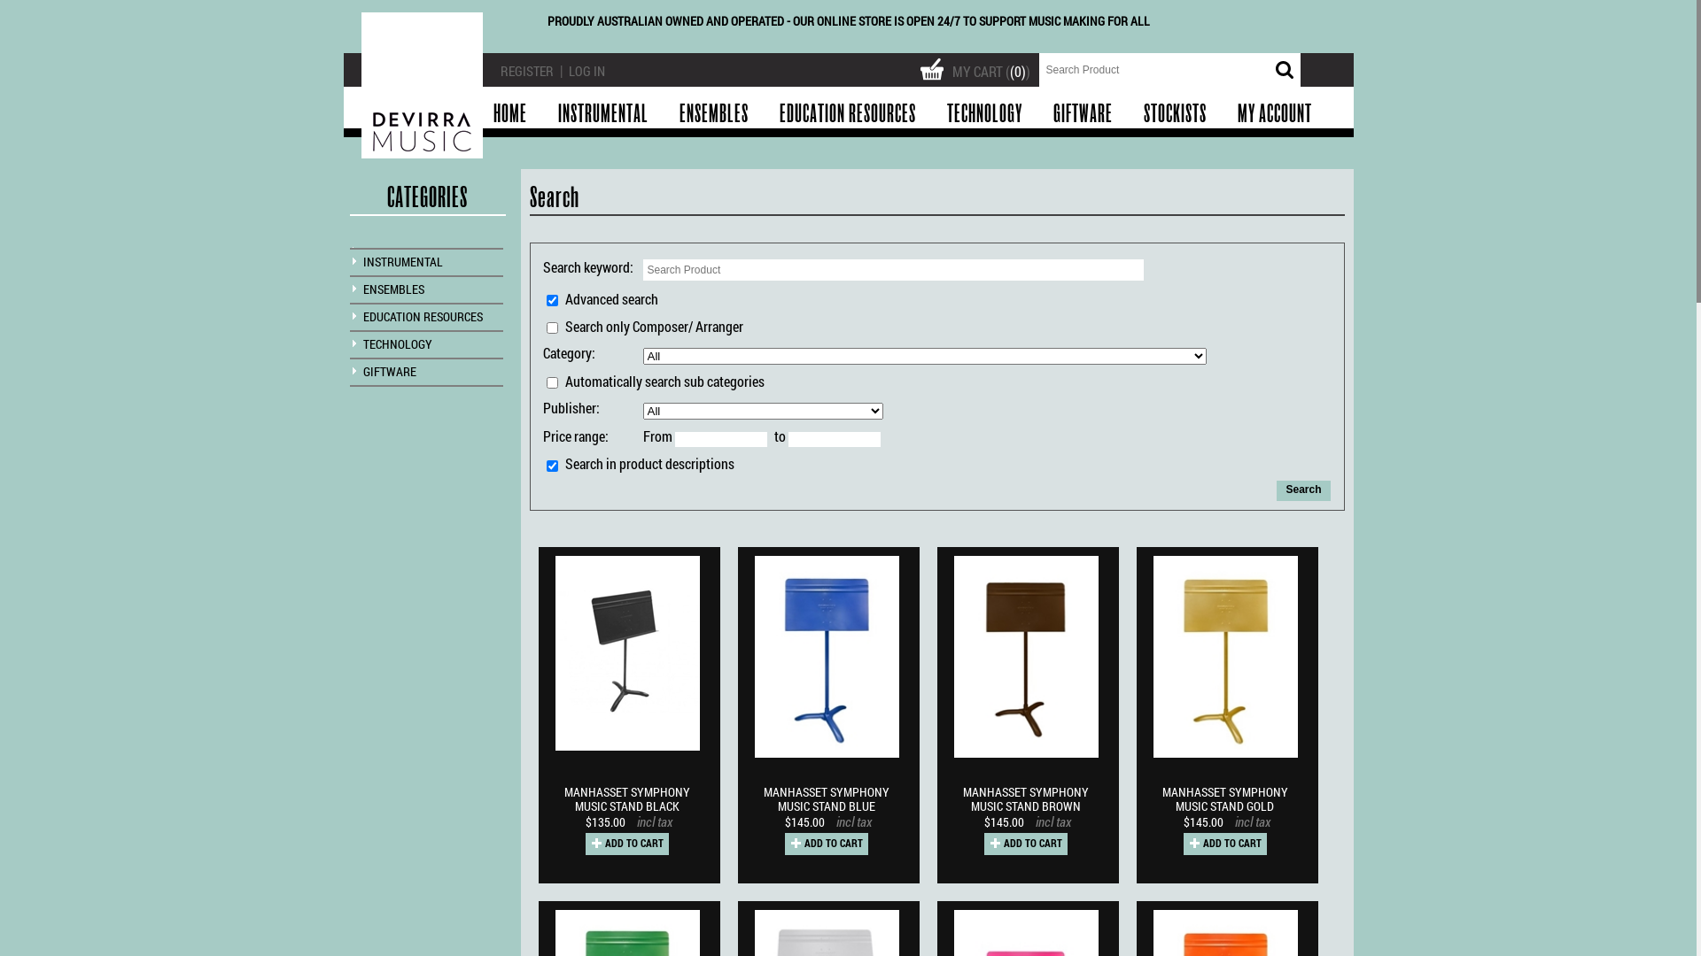 This screenshot has width=1701, height=956. I want to click on 'MY CART ((0))', so click(977, 66).